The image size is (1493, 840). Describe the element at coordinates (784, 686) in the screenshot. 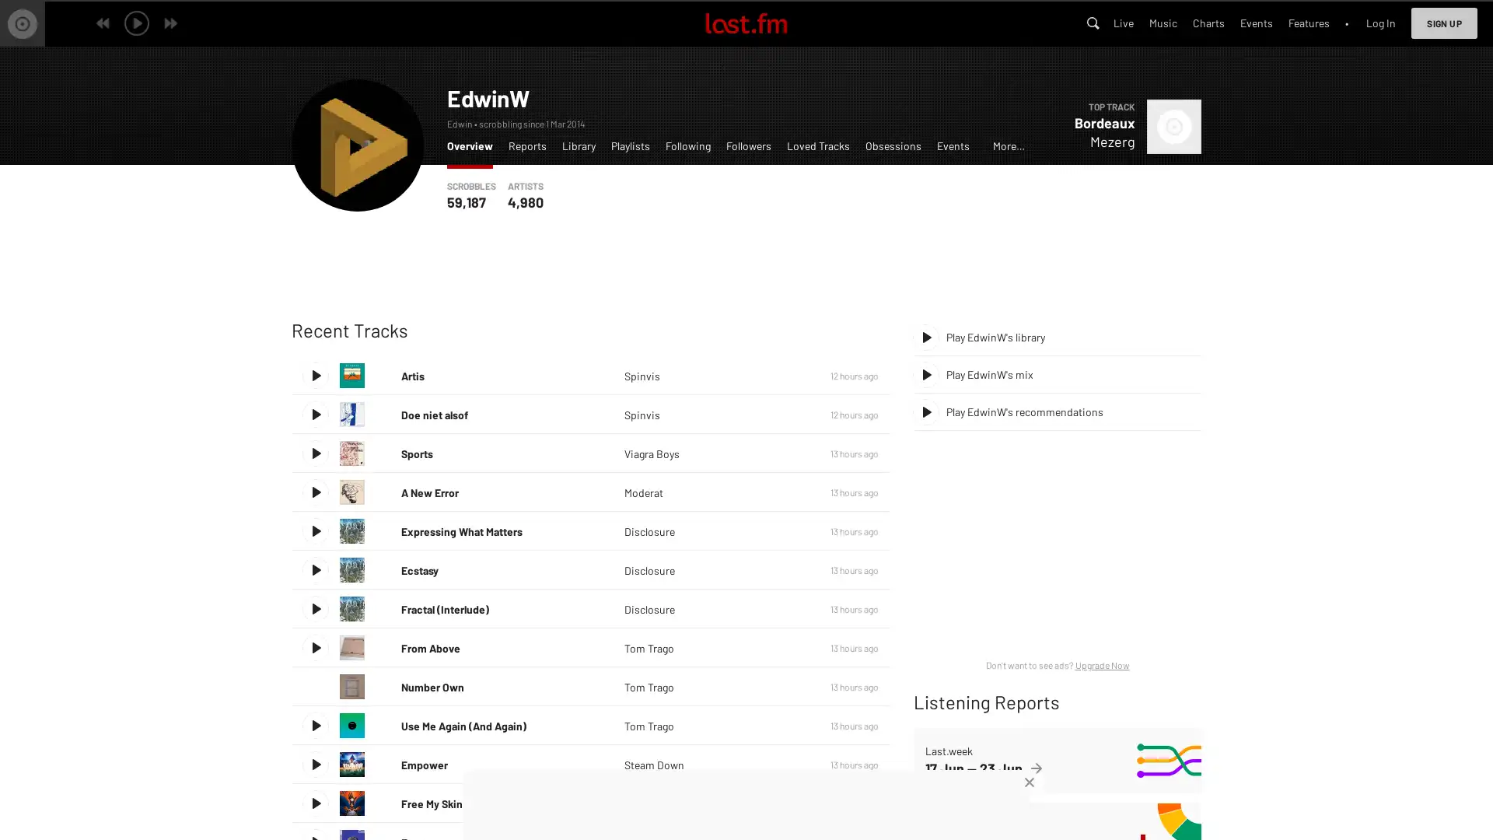

I see `Buy` at that location.